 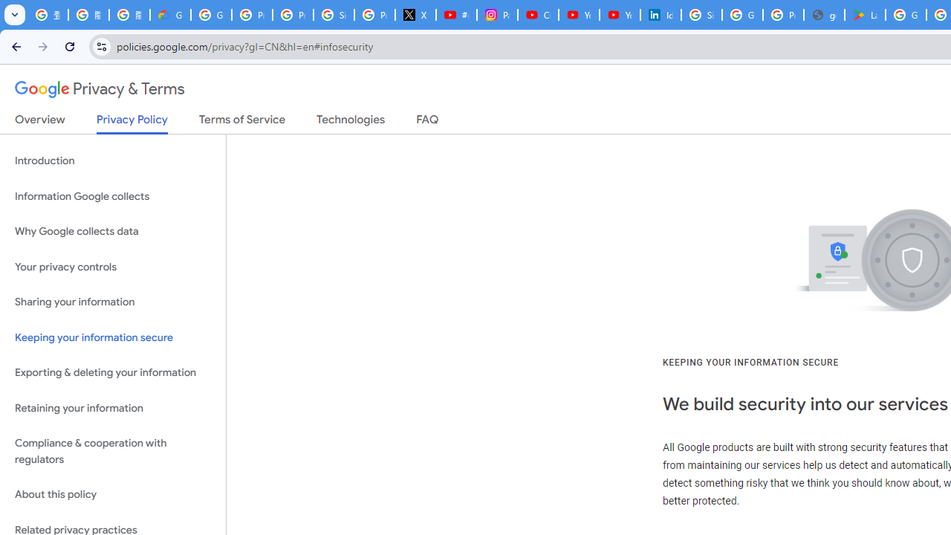 I want to click on 'Identity verification via Persona | LinkedIn Help', so click(x=659, y=15).